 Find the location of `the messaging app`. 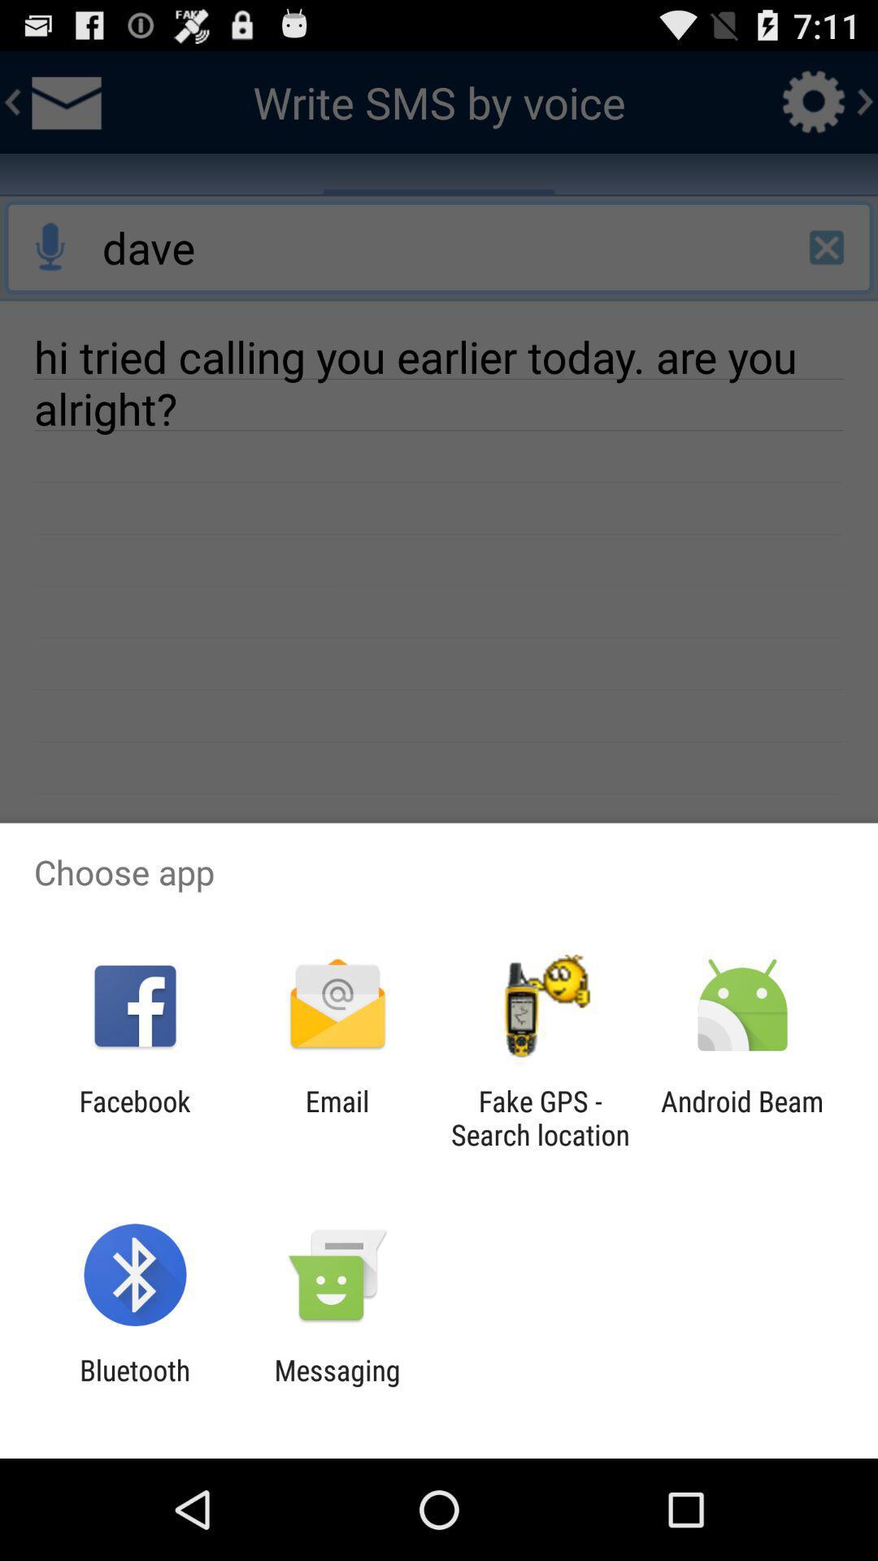

the messaging app is located at coordinates (337, 1386).